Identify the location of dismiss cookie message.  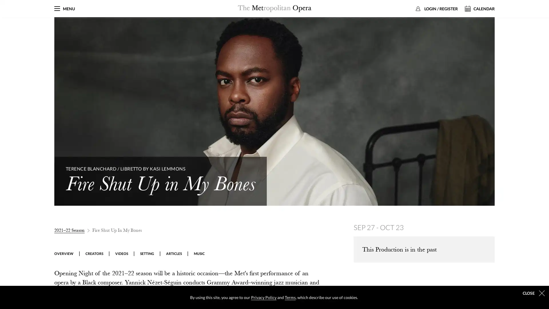
(533, 293).